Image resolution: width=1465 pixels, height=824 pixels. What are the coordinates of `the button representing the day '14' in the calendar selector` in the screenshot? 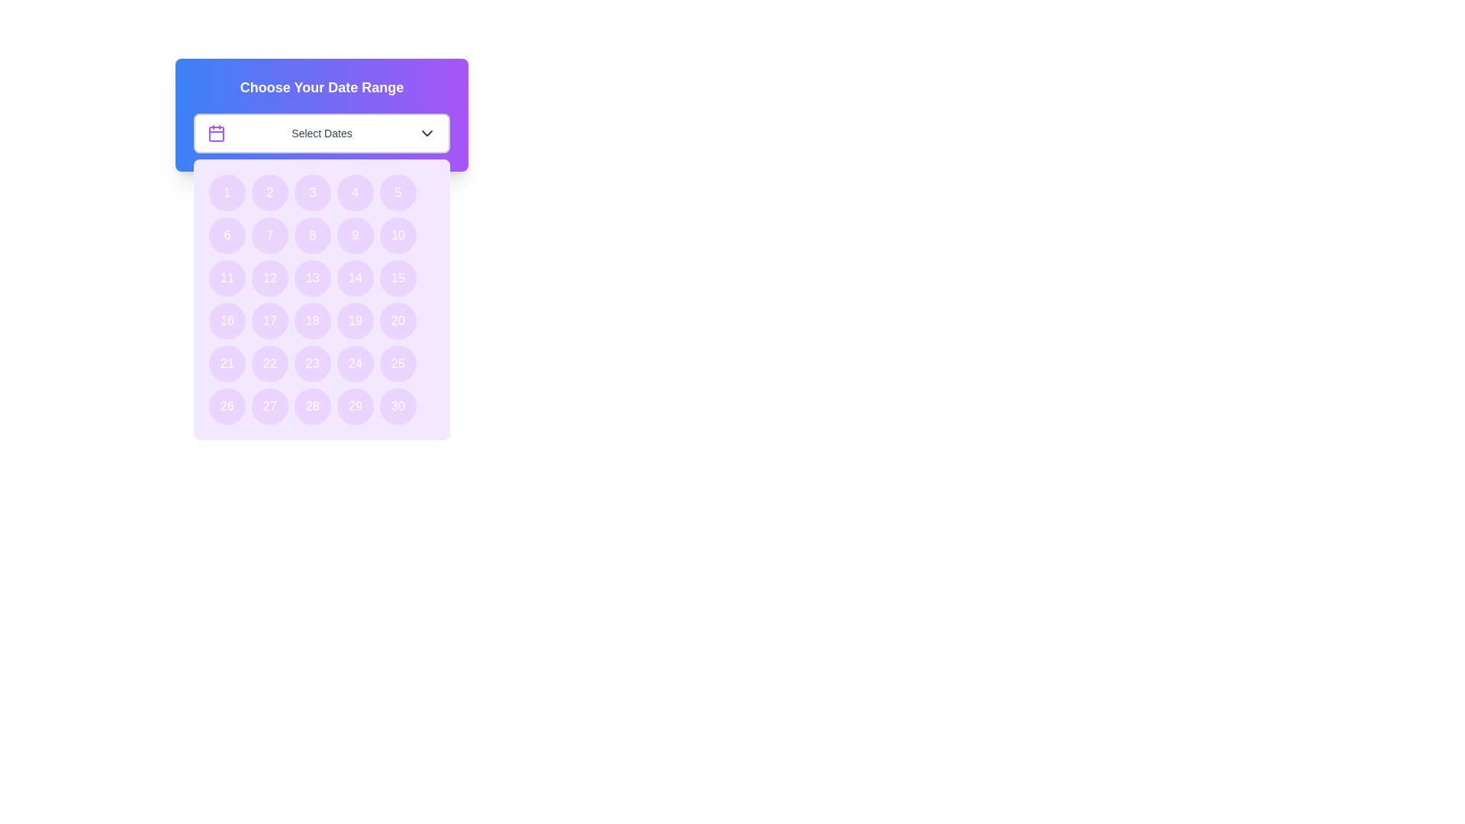 It's located at (354, 278).